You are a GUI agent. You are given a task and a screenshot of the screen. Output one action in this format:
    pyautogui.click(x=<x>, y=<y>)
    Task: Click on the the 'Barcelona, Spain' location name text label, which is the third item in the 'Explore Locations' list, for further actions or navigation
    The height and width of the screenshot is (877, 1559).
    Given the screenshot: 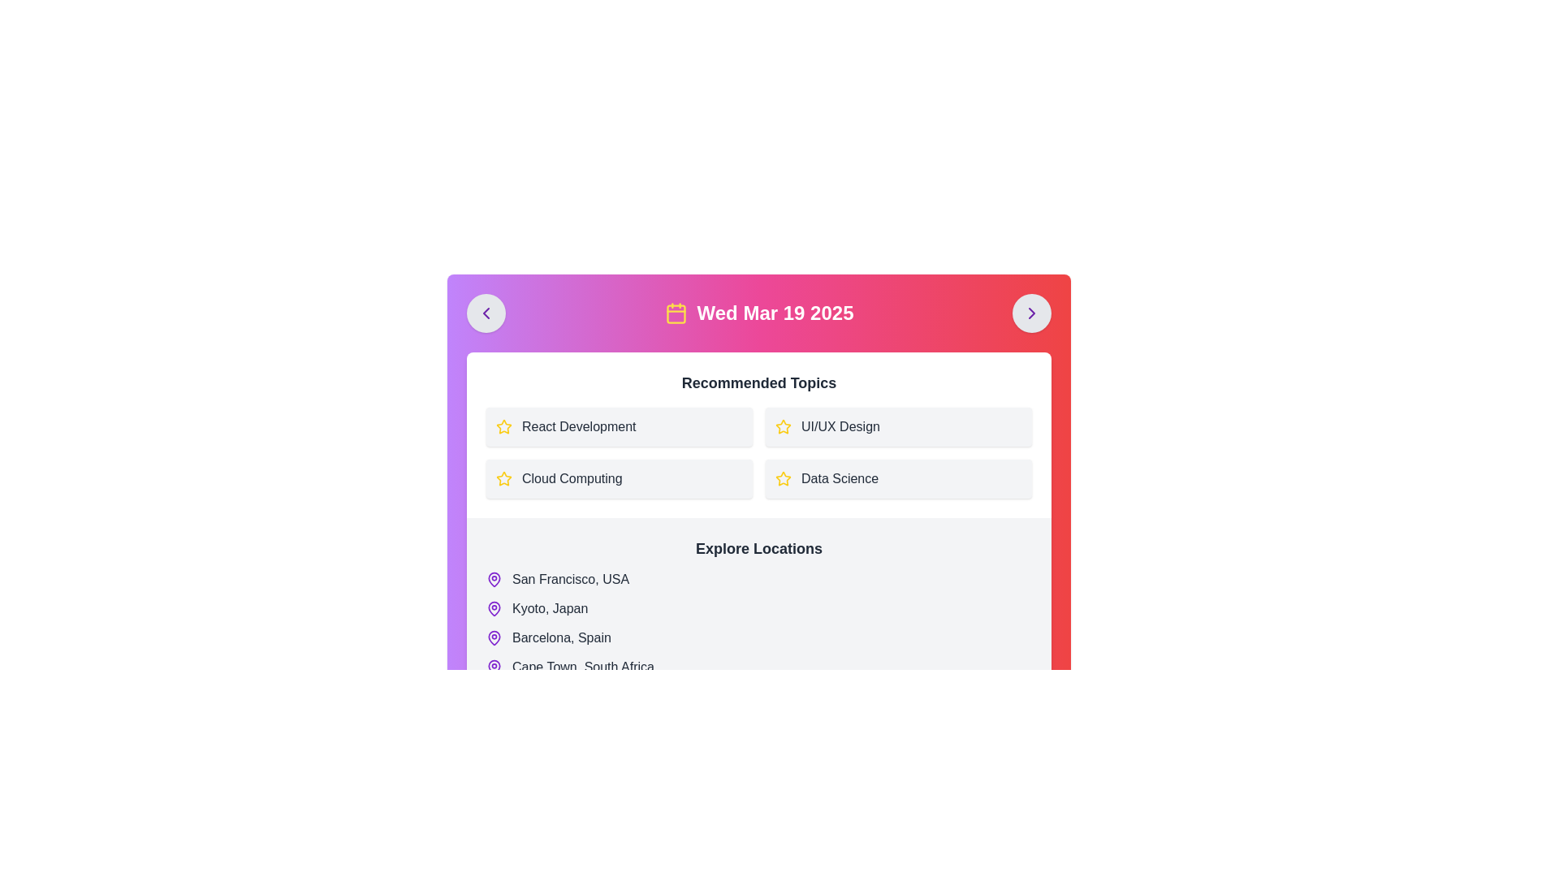 What is the action you would take?
    pyautogui.click(x=561, y=637)
    